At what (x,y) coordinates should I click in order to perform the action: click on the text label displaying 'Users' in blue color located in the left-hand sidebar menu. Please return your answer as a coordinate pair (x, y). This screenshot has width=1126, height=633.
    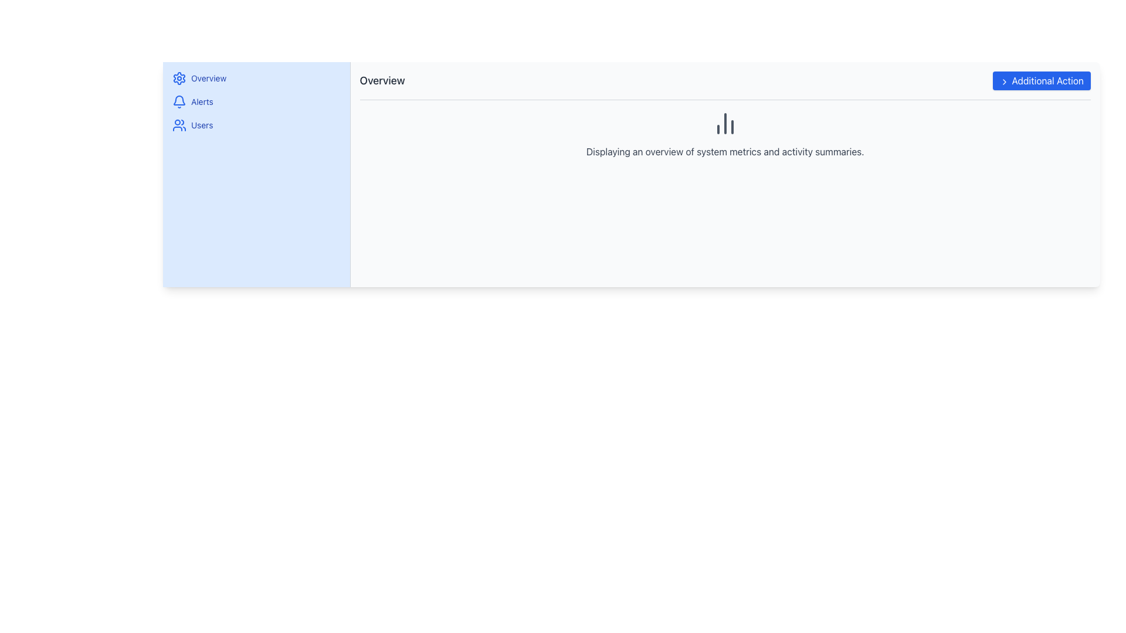
    Looking at the image, I should click on (202, 125).